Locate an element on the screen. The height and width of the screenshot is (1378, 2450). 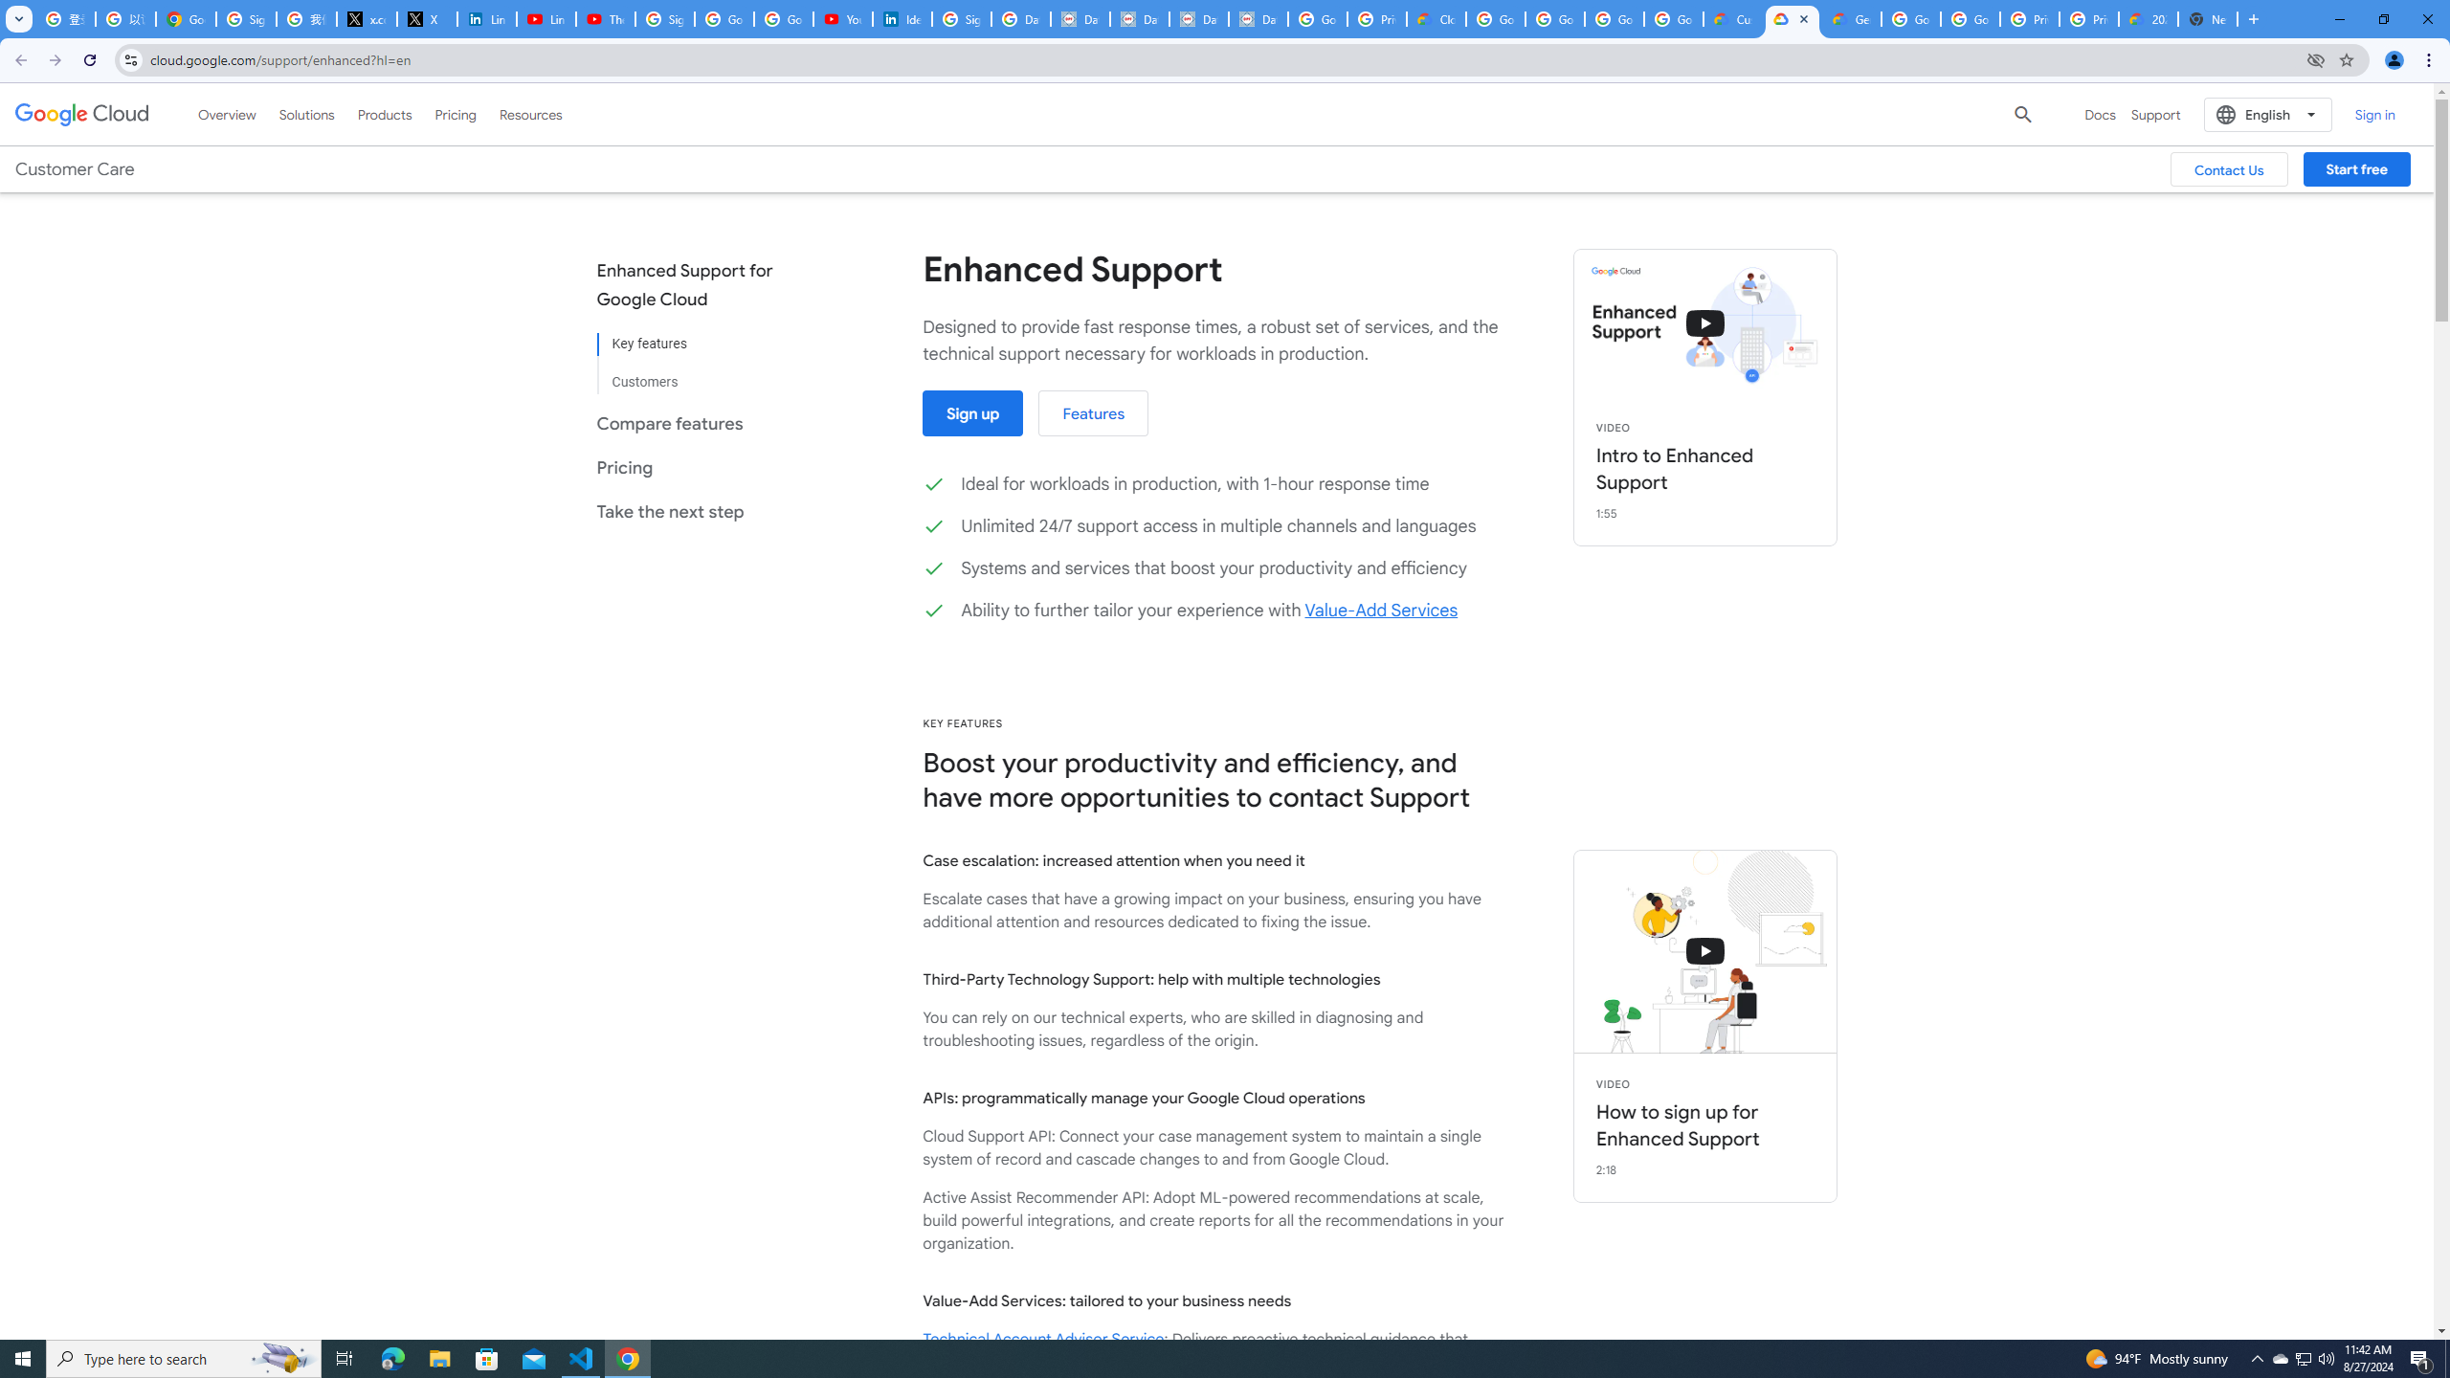
'Solutions' is located at coordinates (305, 113).